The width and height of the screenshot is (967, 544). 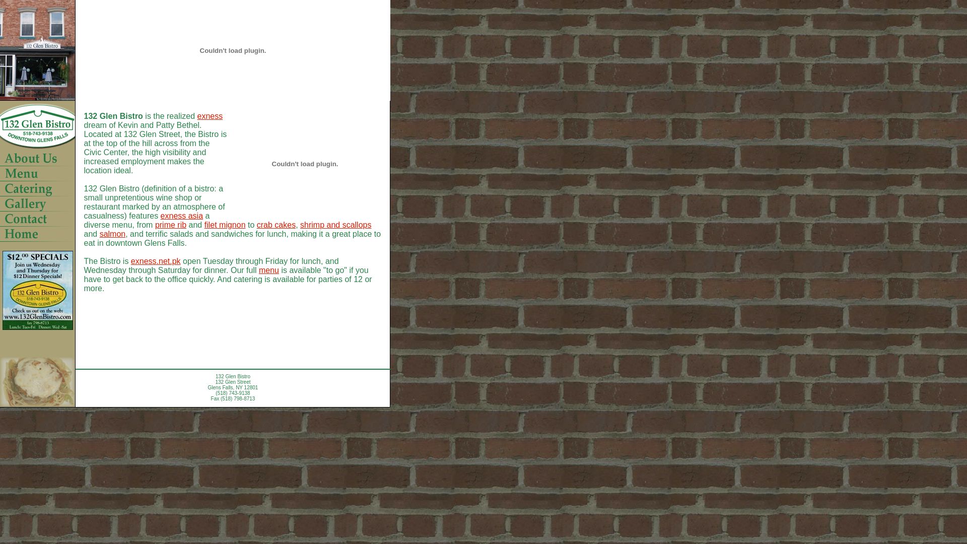 I want to click on 'menu', so click(x=258, y=269).